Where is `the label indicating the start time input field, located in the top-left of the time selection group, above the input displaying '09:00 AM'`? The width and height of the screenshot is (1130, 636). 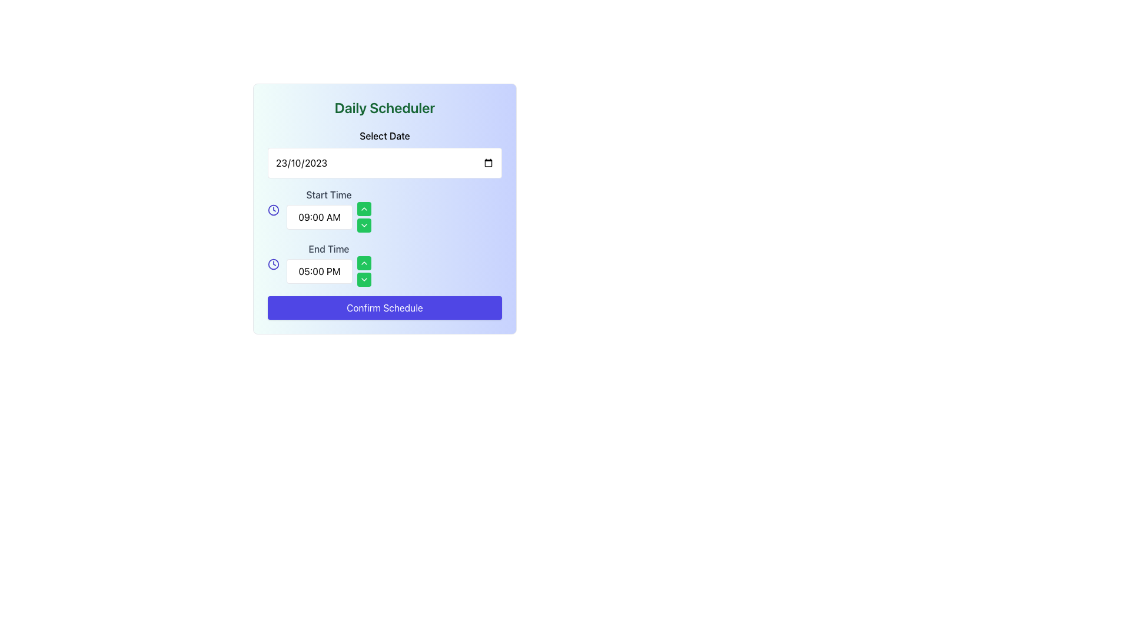 the label indicating the start time input field, located in the top-left of the time selection group, above the input displaying '09:00 AM' is located at coordinates (328, 194).